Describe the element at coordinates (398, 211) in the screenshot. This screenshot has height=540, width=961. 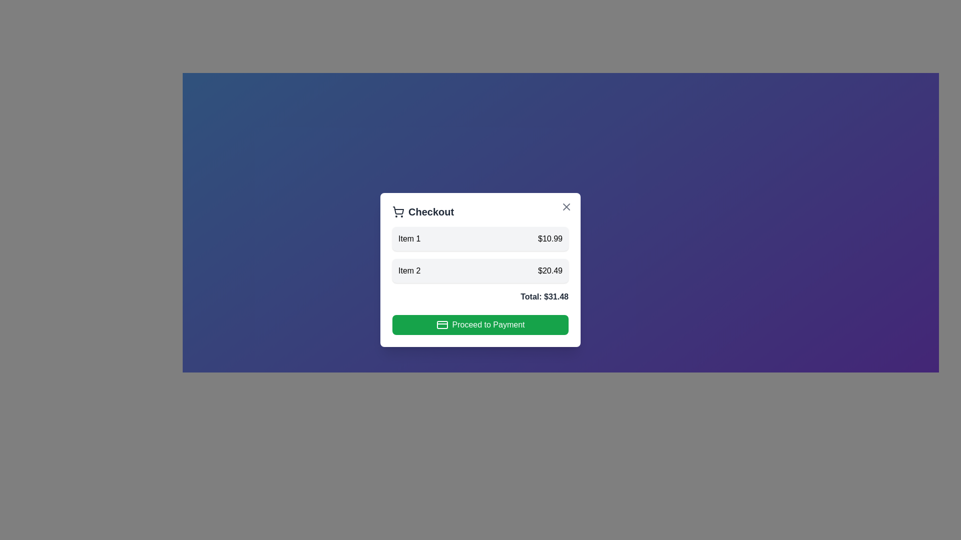
I see `shopping cart SVG icon located at the top center of the interface, adjacent to the 'Checkout' label, by clicking on it` at that location.